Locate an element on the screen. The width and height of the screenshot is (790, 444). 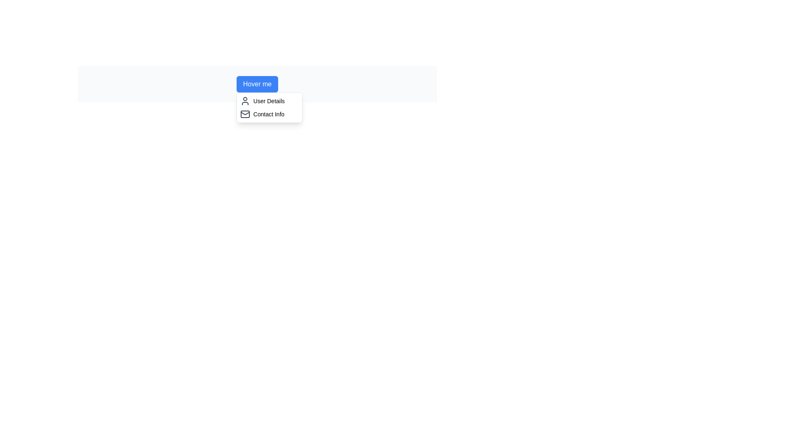
the 'User Details' text label, which is styled in black and located in the dropdown menu under the 'Hover me' button is located at coordinates (269, 101).